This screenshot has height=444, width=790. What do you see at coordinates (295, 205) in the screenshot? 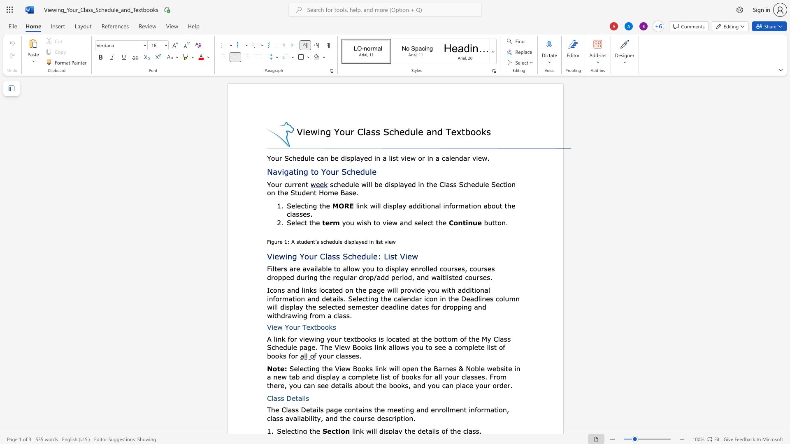
I see `the space between the continuous character "e" and "l" in the text` at bounding box center [295, 205].